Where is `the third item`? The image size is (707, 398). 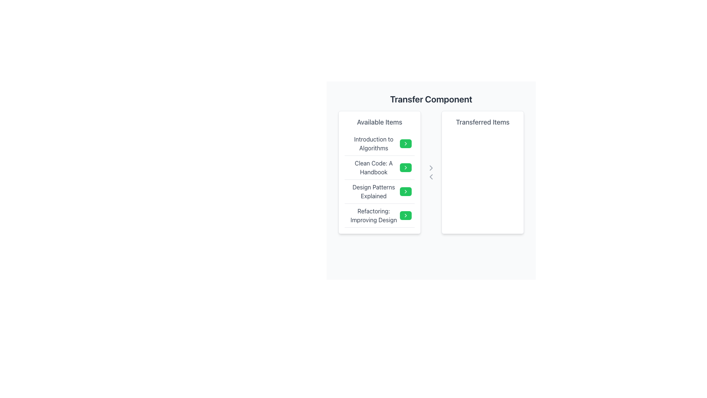 the third item is located at coordinates (380, 191).